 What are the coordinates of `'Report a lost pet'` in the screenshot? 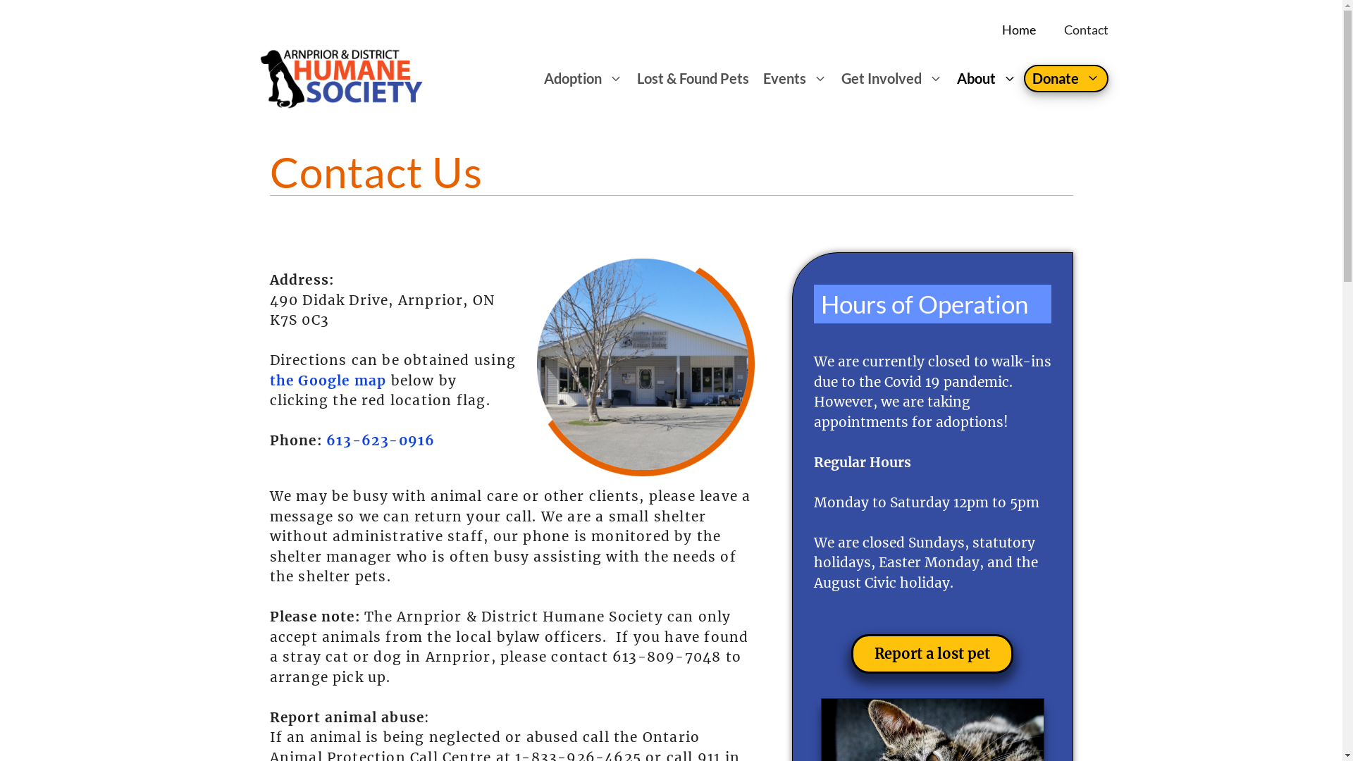 It's located at (932, 654).